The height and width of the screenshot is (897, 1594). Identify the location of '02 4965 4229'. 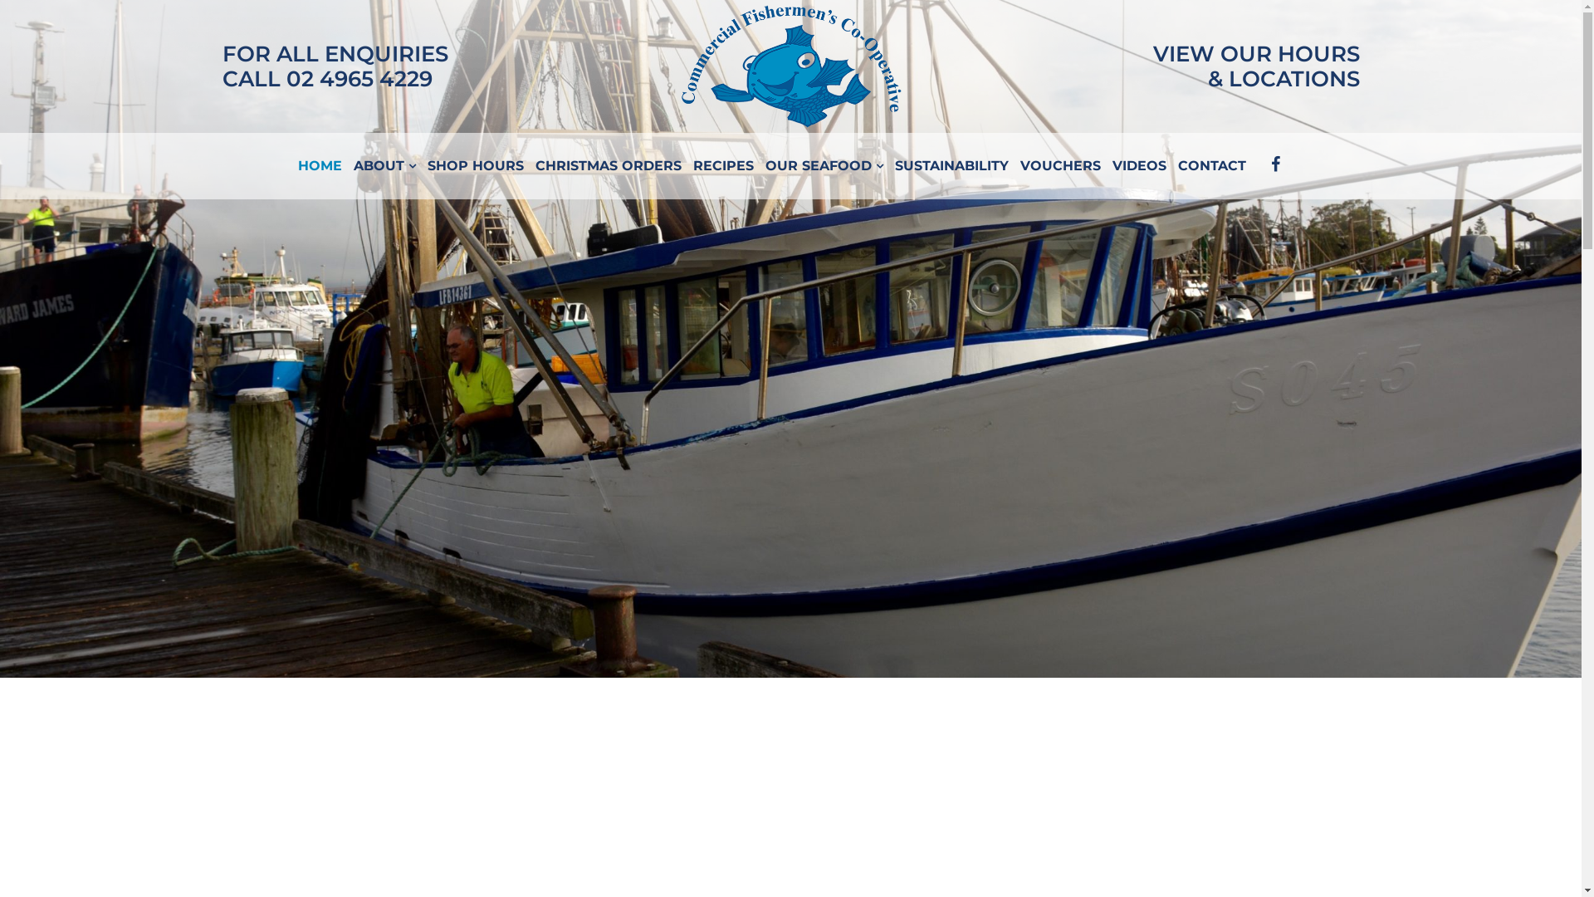
(358, 79).